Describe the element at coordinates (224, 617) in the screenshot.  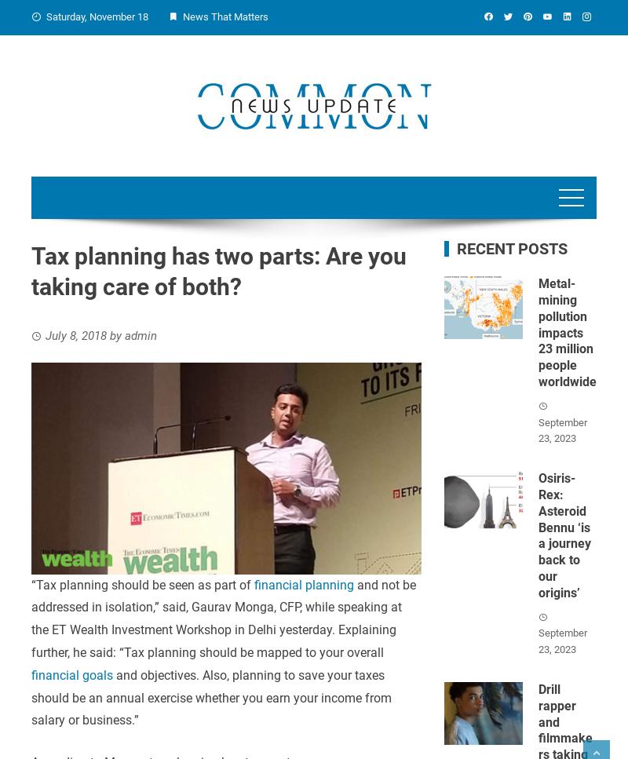
I see `'and not be addressed in isolation,” said, Gaurav Monga, CFP, while speaking at the ET Wealth Investment Workshop in Delhi yesterday. Explaining further, he said: “Tax planning should be mapped to your overall'` at that location.